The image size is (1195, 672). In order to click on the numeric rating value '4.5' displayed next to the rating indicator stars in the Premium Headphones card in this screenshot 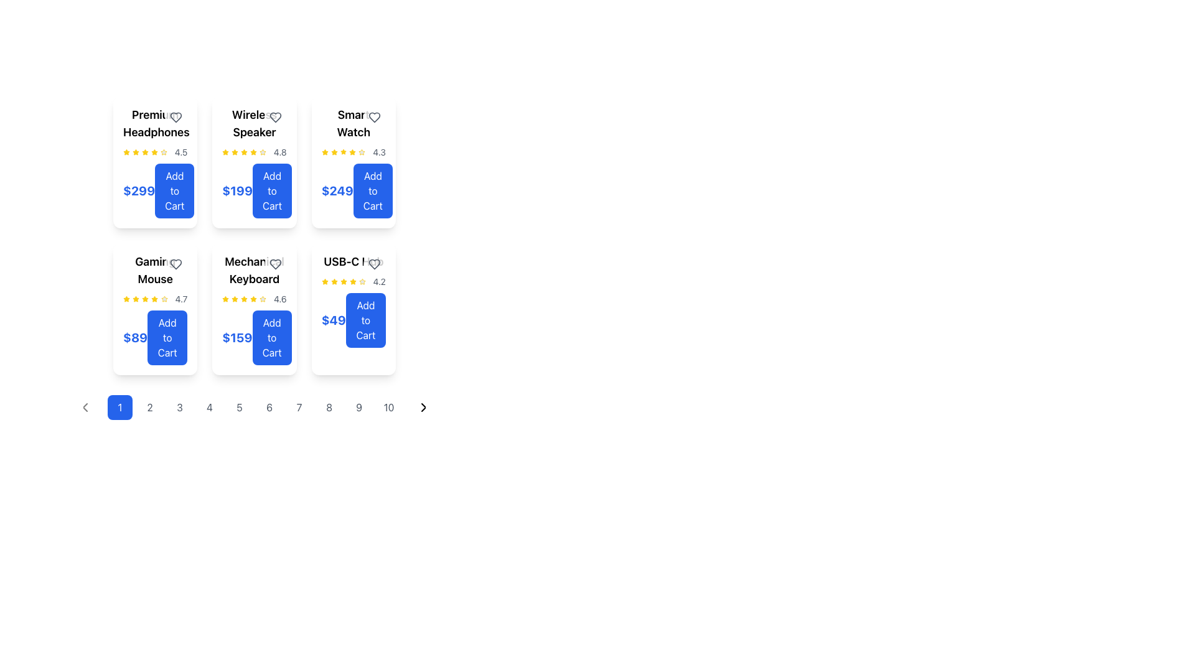, I will do `click(154, 152)`.